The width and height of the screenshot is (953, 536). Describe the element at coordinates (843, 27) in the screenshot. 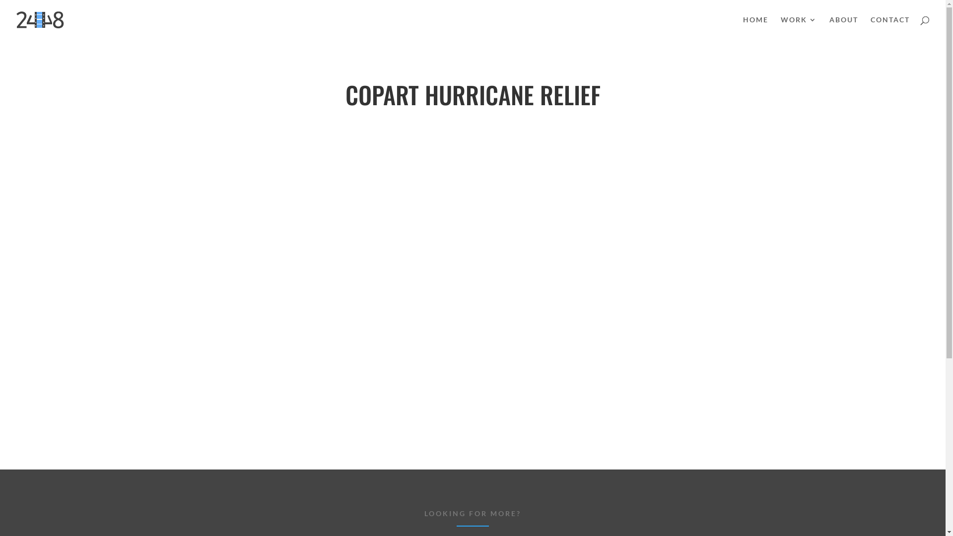

I see `'ABOUT'` at that location.